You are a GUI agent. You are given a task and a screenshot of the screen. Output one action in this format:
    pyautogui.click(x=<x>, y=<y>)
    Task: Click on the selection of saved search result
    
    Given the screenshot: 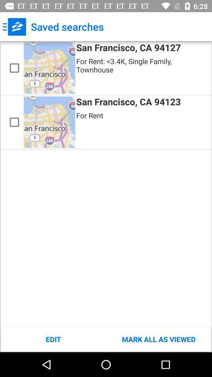 What is the action you would take?
    pyautogui.click(x=14, y=122)
    